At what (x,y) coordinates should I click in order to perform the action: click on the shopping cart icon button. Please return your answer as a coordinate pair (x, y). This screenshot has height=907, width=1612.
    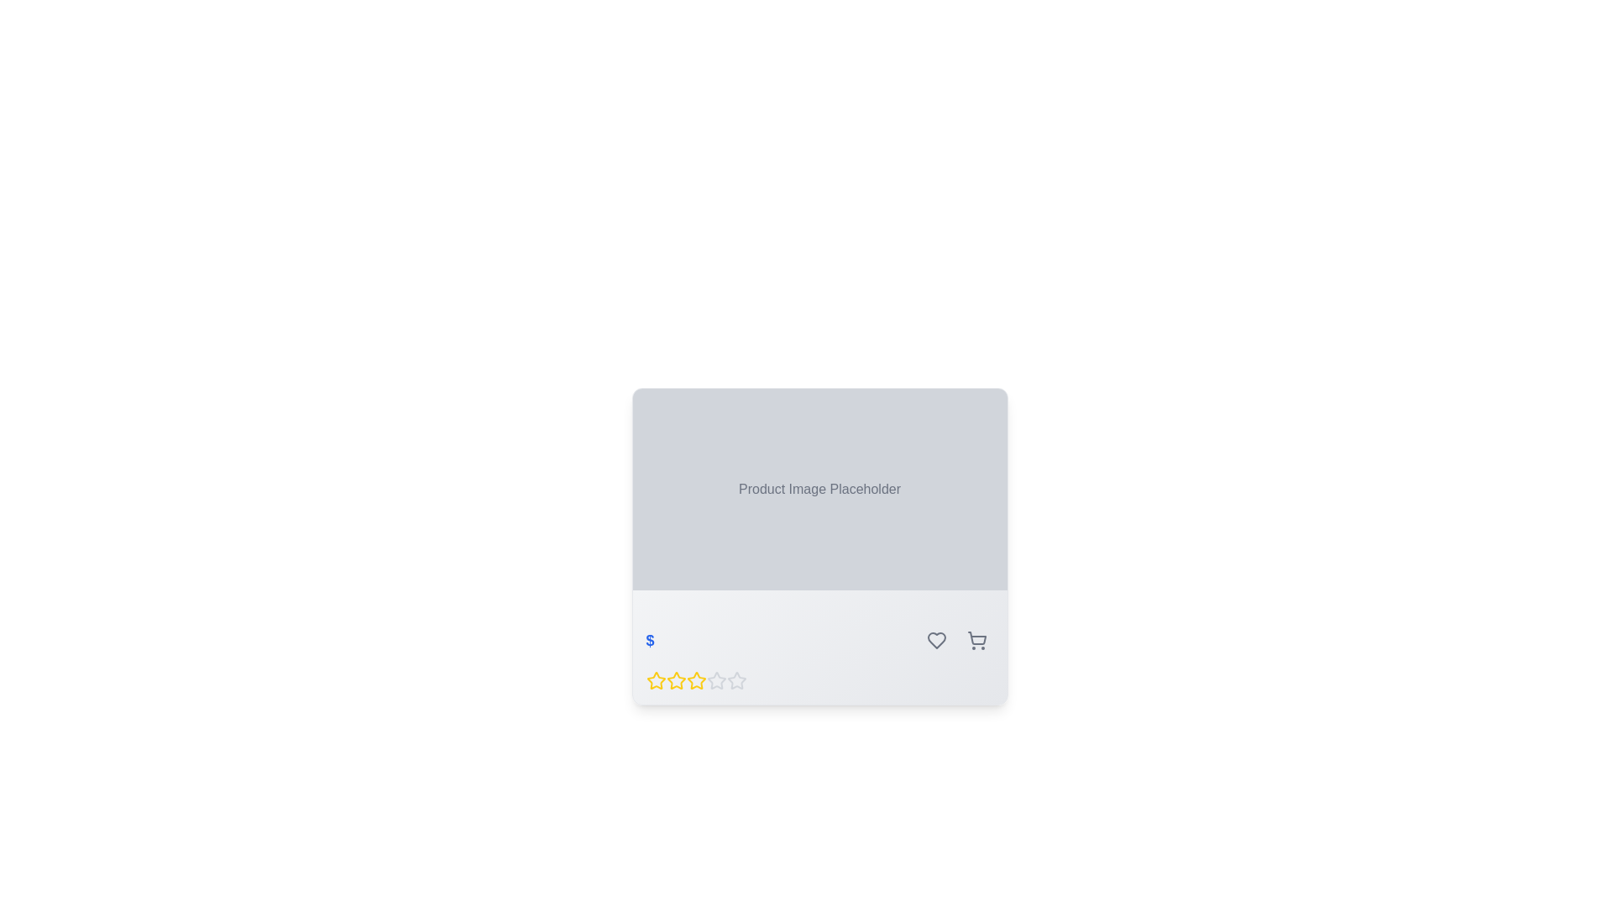
    Looking at the image, I should click on (976, 641).